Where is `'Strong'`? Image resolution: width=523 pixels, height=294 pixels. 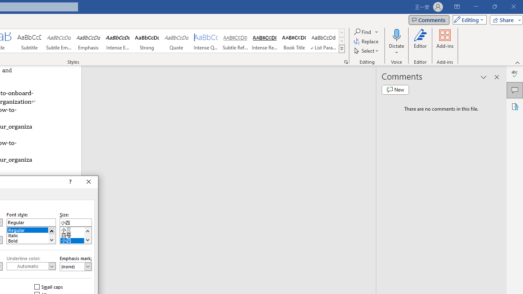 'Strong' is located at coordinates (147, 41).